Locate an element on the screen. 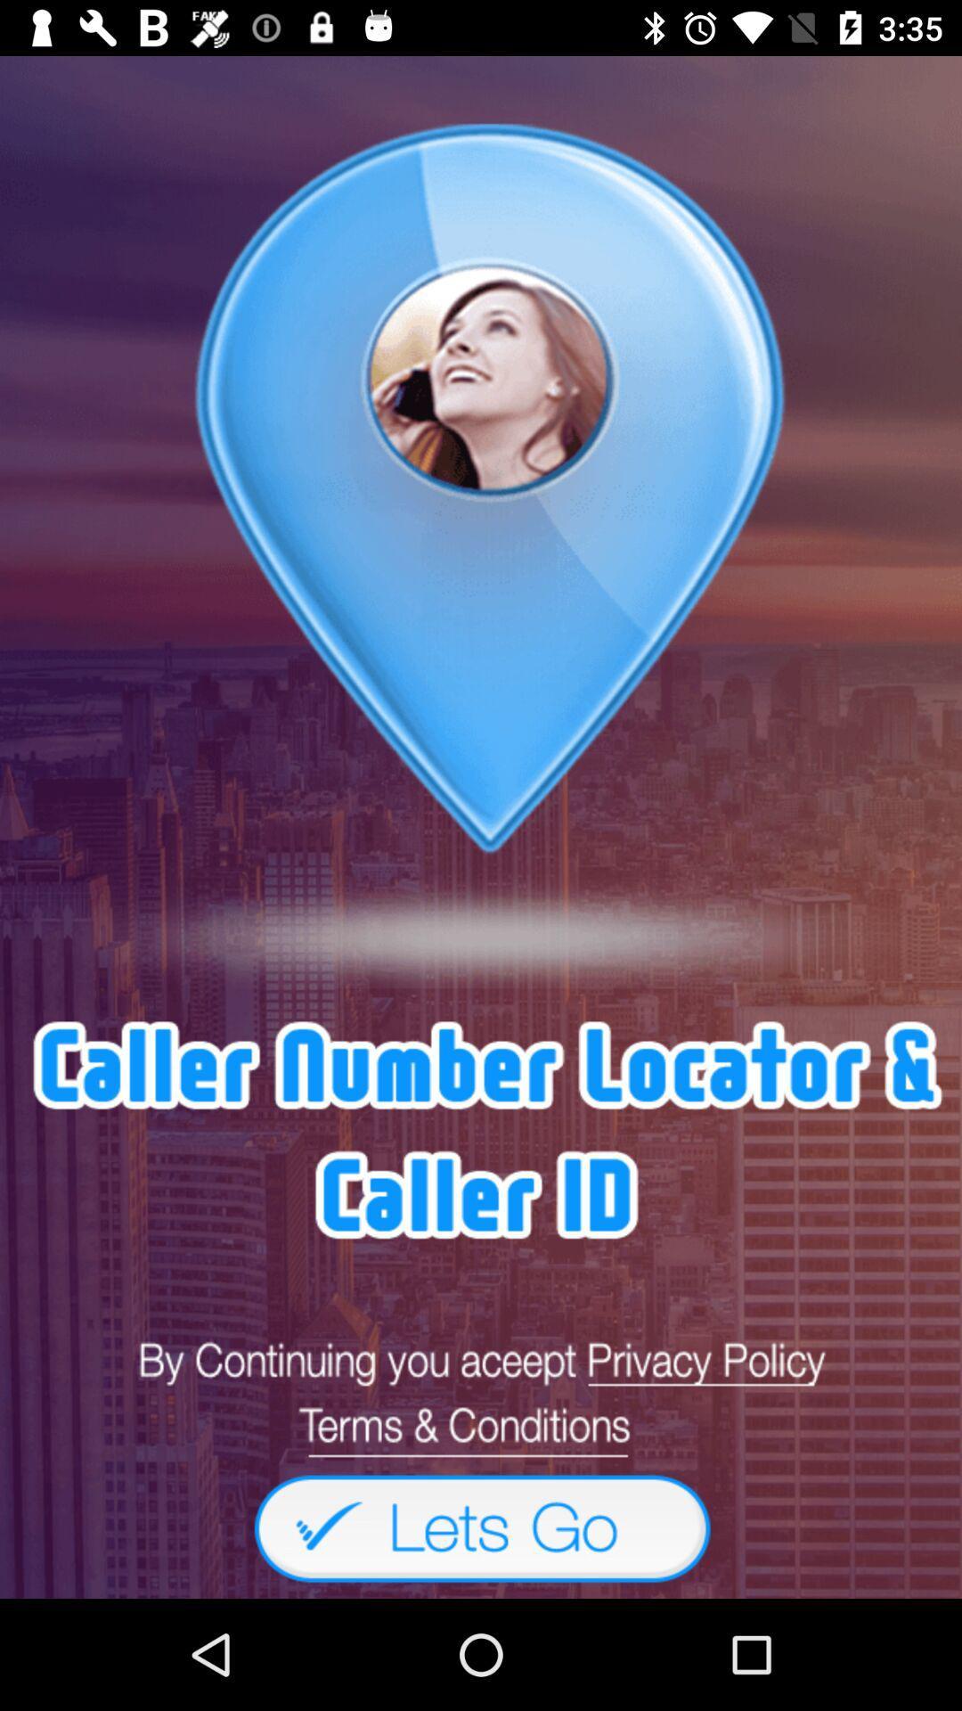  start using the app is located at coordinates (481, 1527).